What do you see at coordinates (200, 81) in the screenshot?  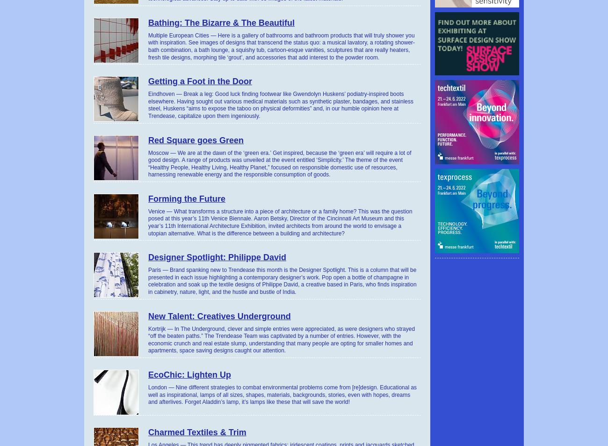 I see `'Getting a Foot in the Door'` at bounding box center [200, 81].